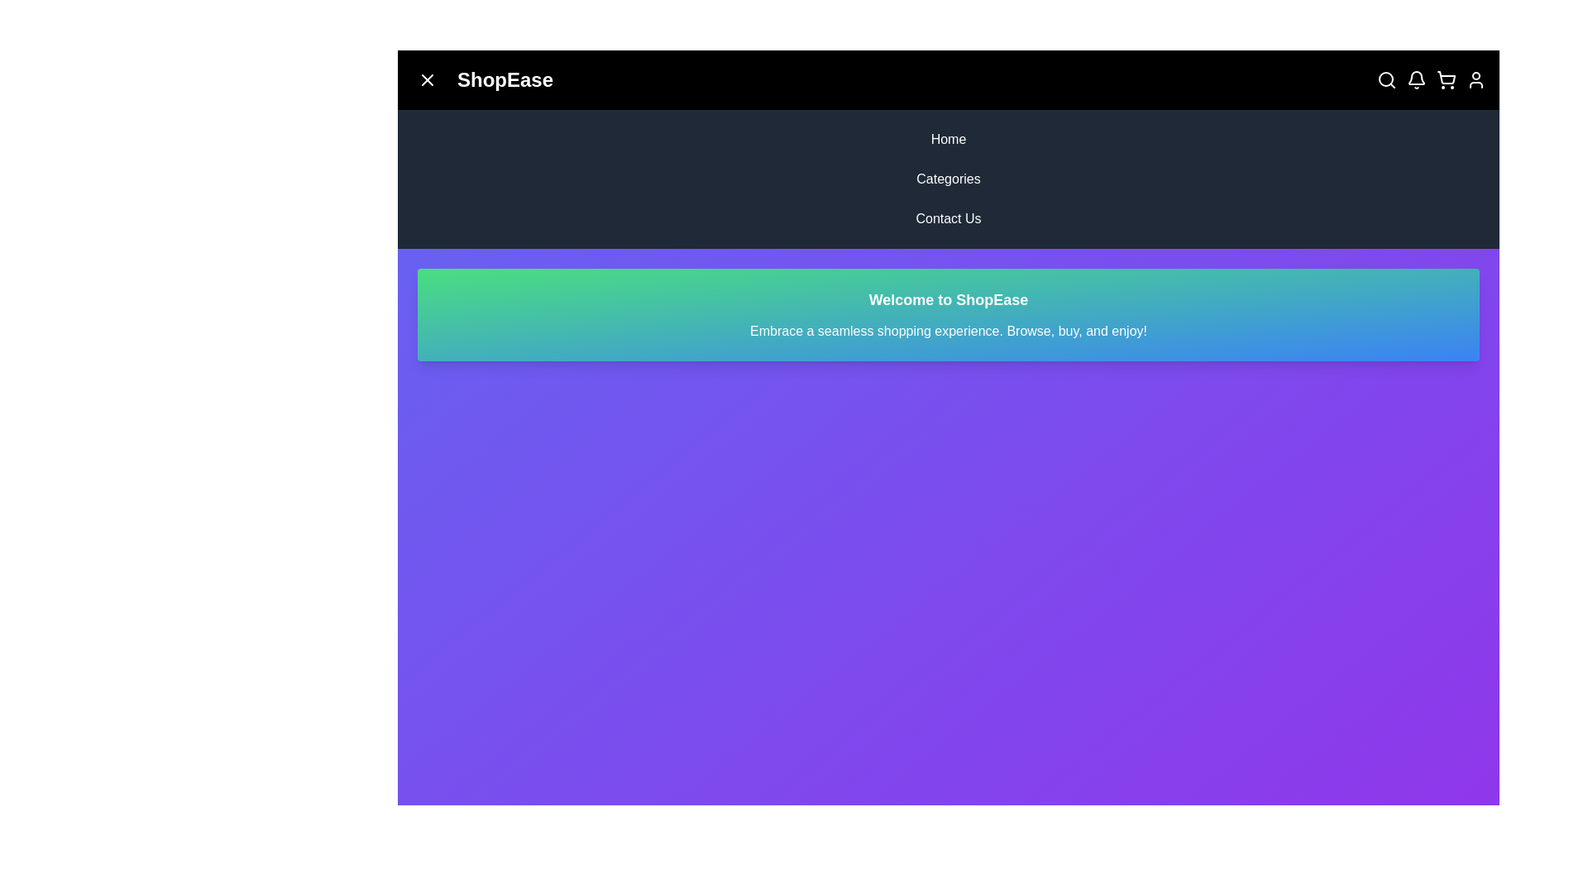  What do you see at coordinates (1445, 79) in the screenshot?
I see `the shopping cart icon to toggle the shopping cart section` at bounding box center [1445, 79].